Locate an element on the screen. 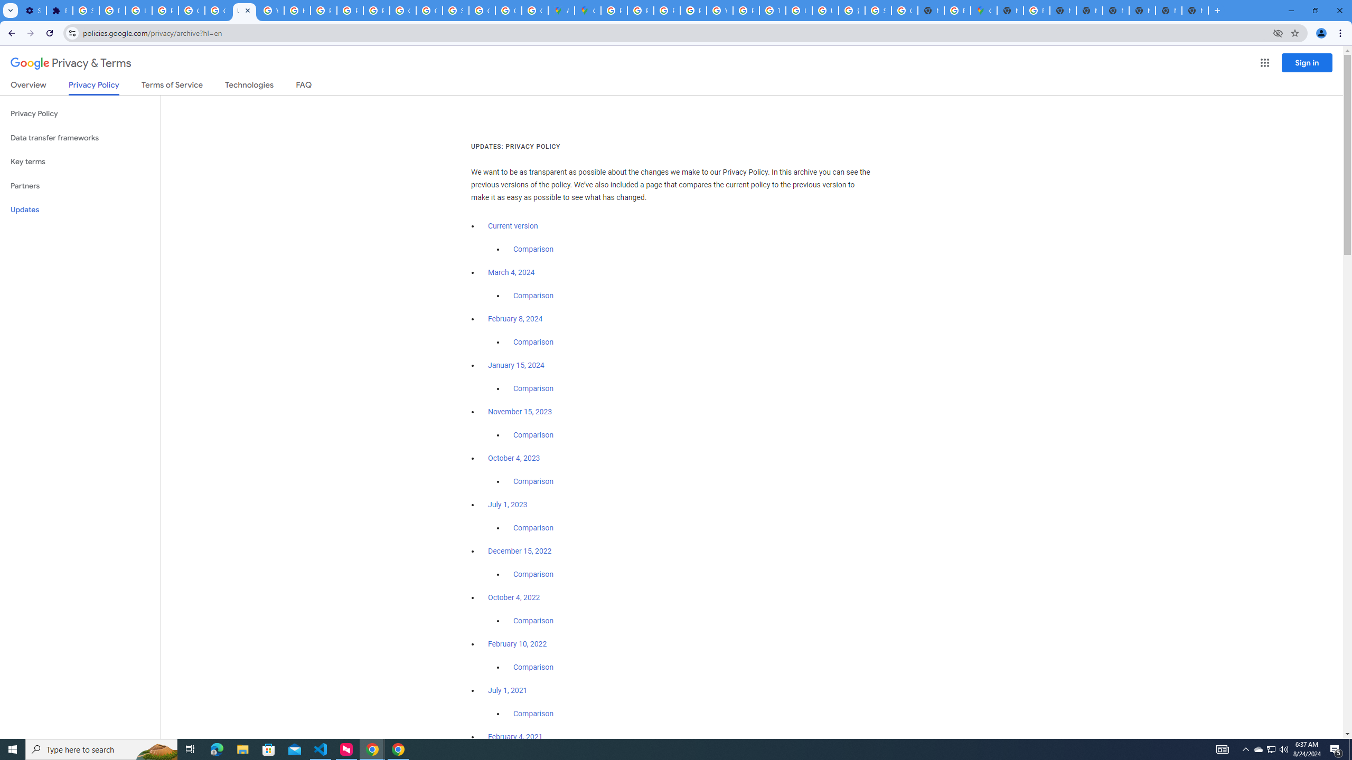 Image resolution: width=1352 pixels, height=760 pixels. 'Extensions' is located at coordinates (59, 10).